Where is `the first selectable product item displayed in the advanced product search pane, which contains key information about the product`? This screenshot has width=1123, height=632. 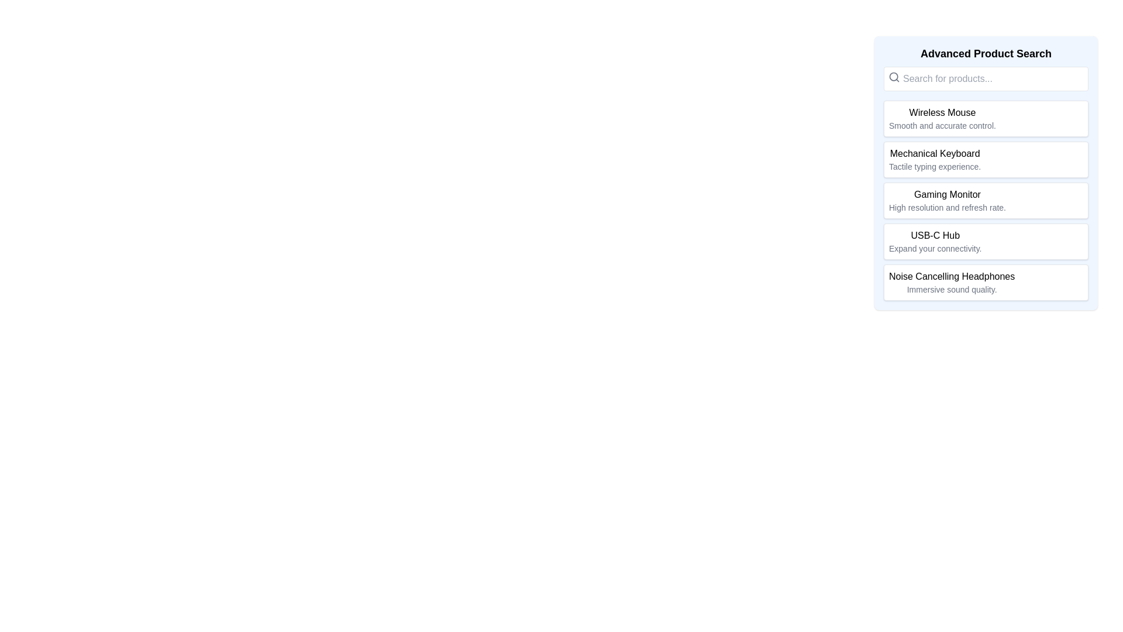 the first selectable product item displayed in the advanced product search pane, which contains key information about the product is located at coordinates (985, 119).